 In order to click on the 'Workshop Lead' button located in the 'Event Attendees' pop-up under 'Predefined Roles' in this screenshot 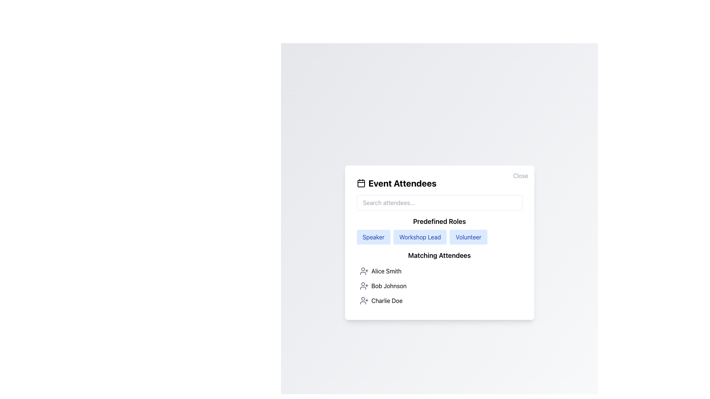, I will do `click(439, 242)`.